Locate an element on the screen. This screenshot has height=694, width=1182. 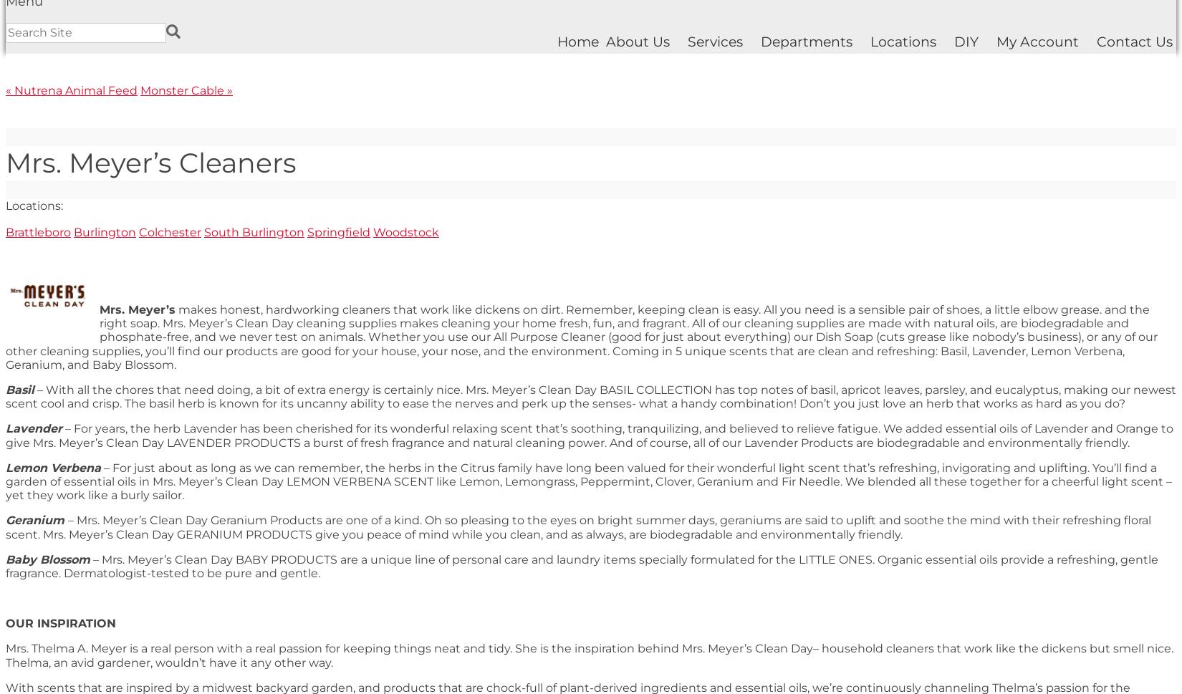
'Our products are specifically formulated to be safe for use in and around the home with family, children and pets.' is located at coordinates (400, 435).